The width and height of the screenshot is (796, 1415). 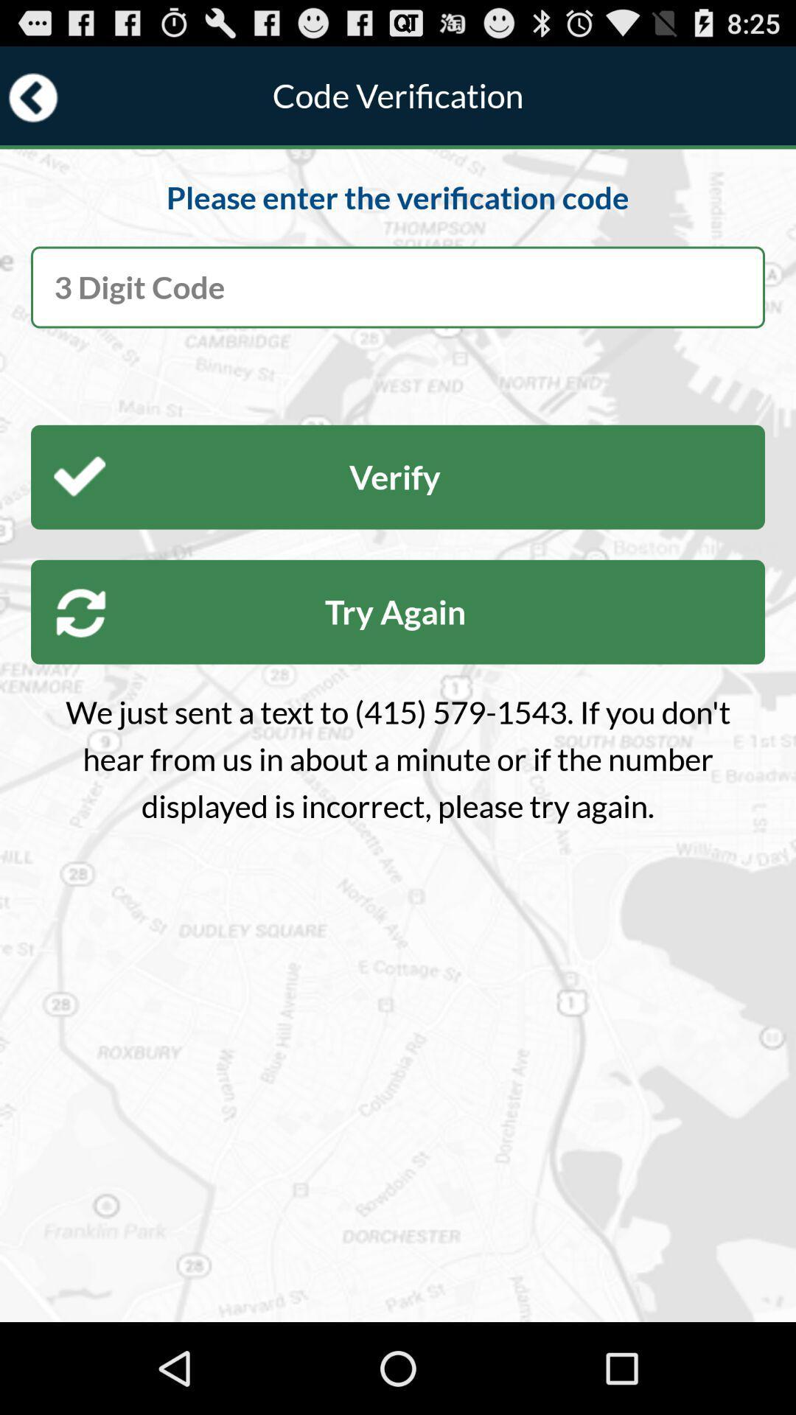 What do you see at coordinates (33, 104) in the screenshot?
I see `the arrow_backward icon` at bounding box center [33, 104].